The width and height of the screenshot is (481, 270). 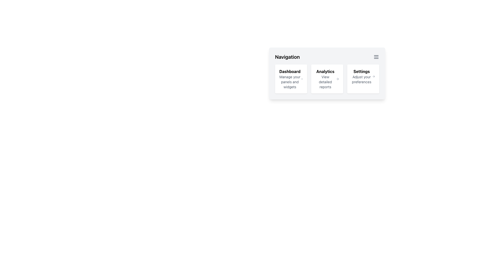 I want to click on the 'Dashboard' text label, which is bold and distinct, located at the top of a white rectangular card in the Navigation section, so click(x=290, y=71).